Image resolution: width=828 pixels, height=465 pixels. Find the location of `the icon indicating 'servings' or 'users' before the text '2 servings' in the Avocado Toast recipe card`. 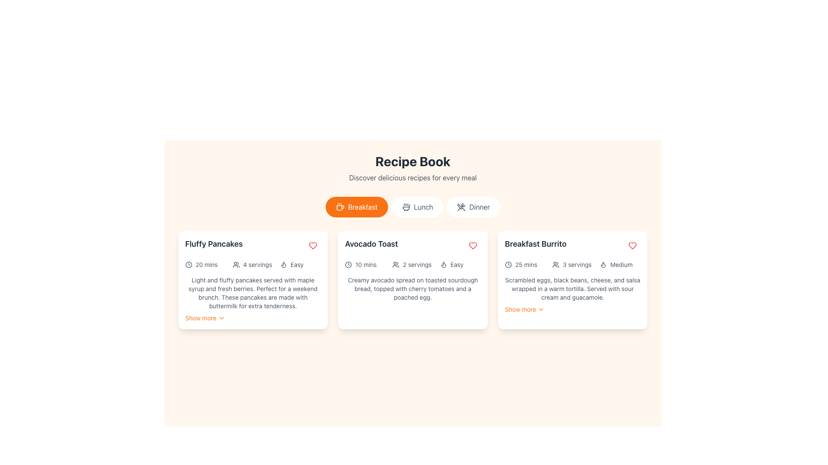

the icon indicating 'servings' or 'users' before the text '2 servings' in the Avocado Toast recipe card is located at coordinates (395, 264).